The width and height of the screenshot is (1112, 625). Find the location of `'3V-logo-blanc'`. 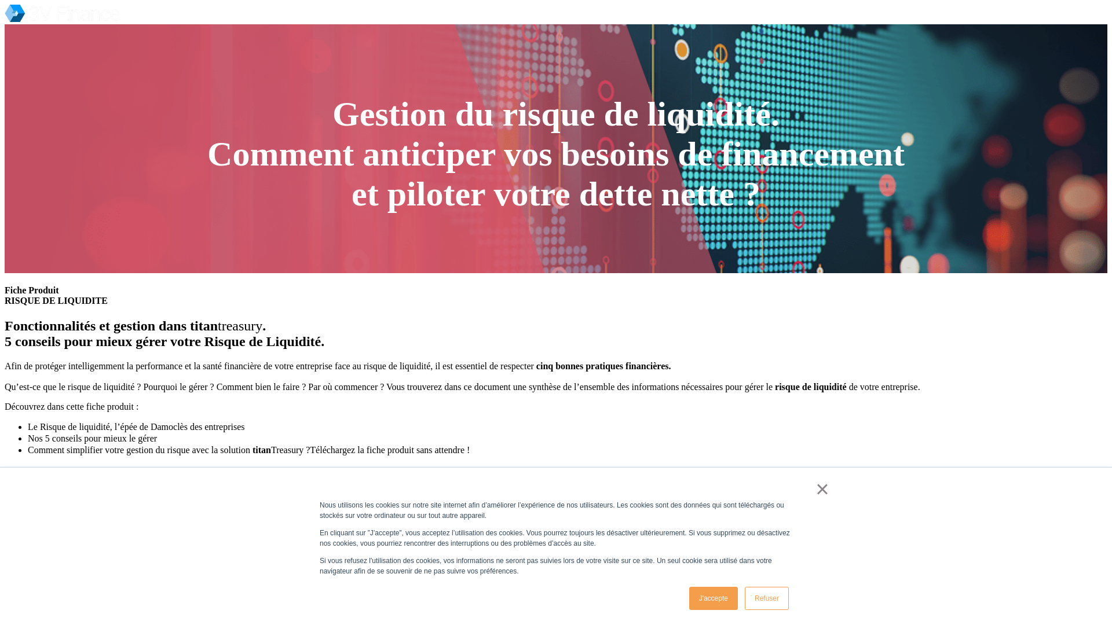

'3V-logo-blanc' is located at coordinates (62, 13).